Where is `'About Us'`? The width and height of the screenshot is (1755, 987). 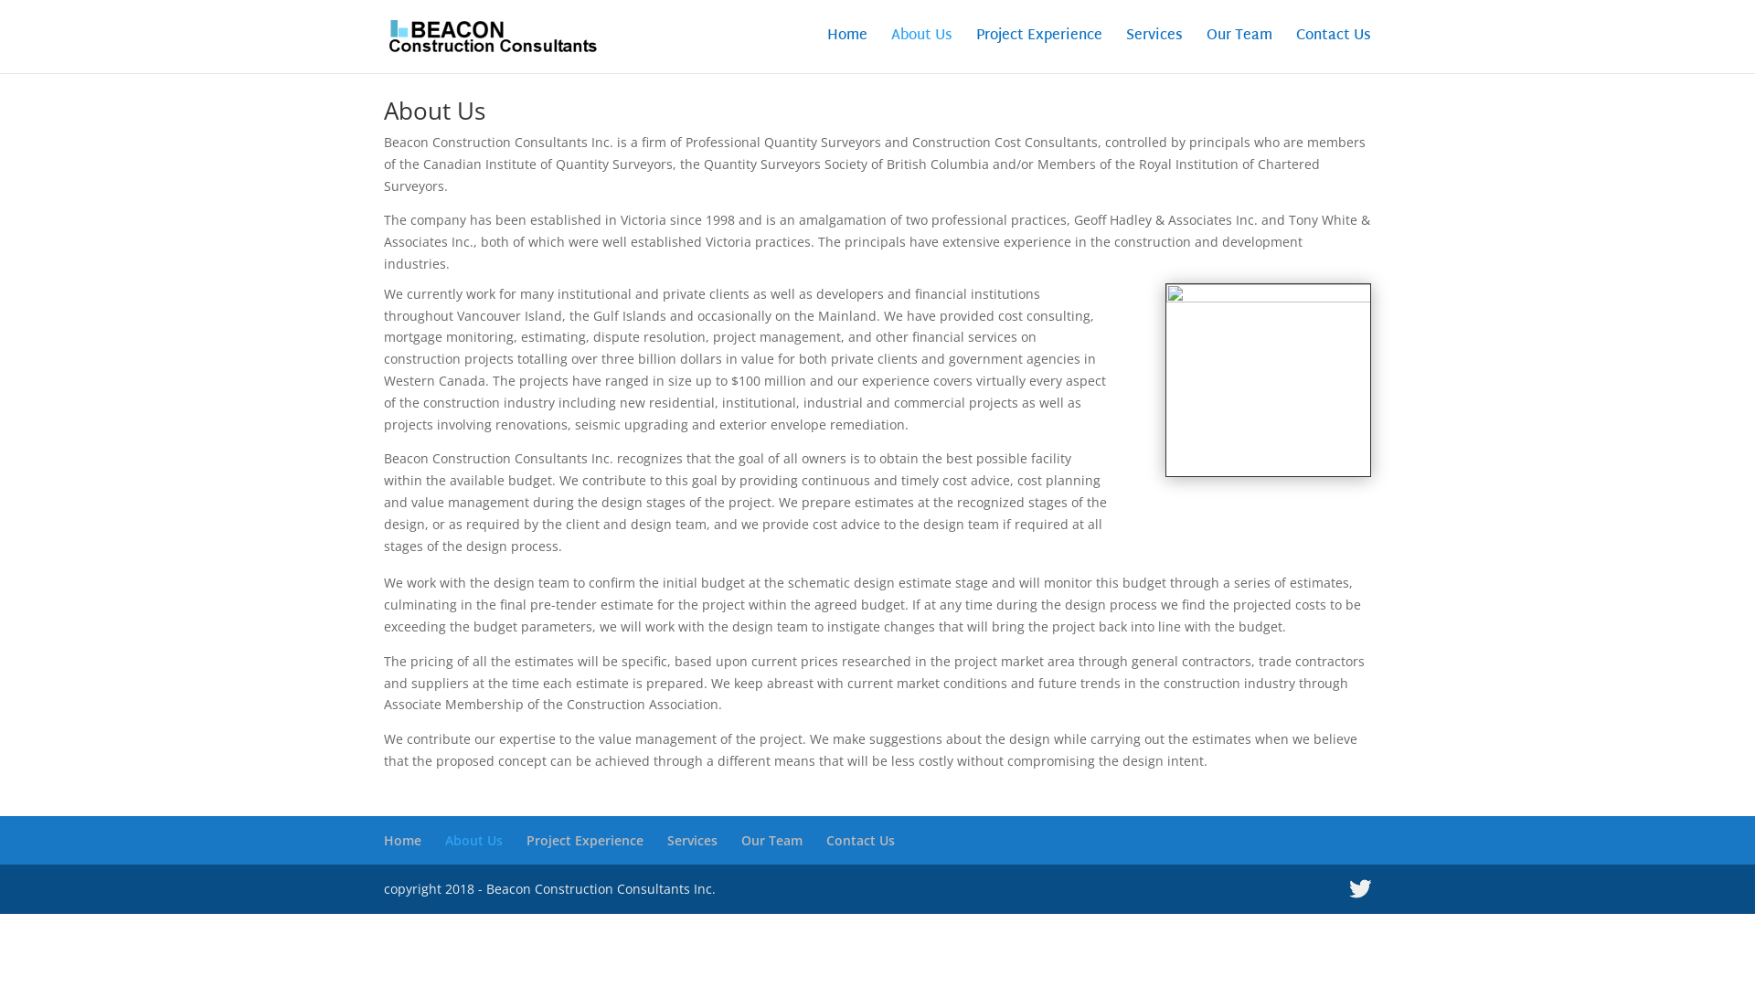
'About Us' is located at coordinates (473, 840).